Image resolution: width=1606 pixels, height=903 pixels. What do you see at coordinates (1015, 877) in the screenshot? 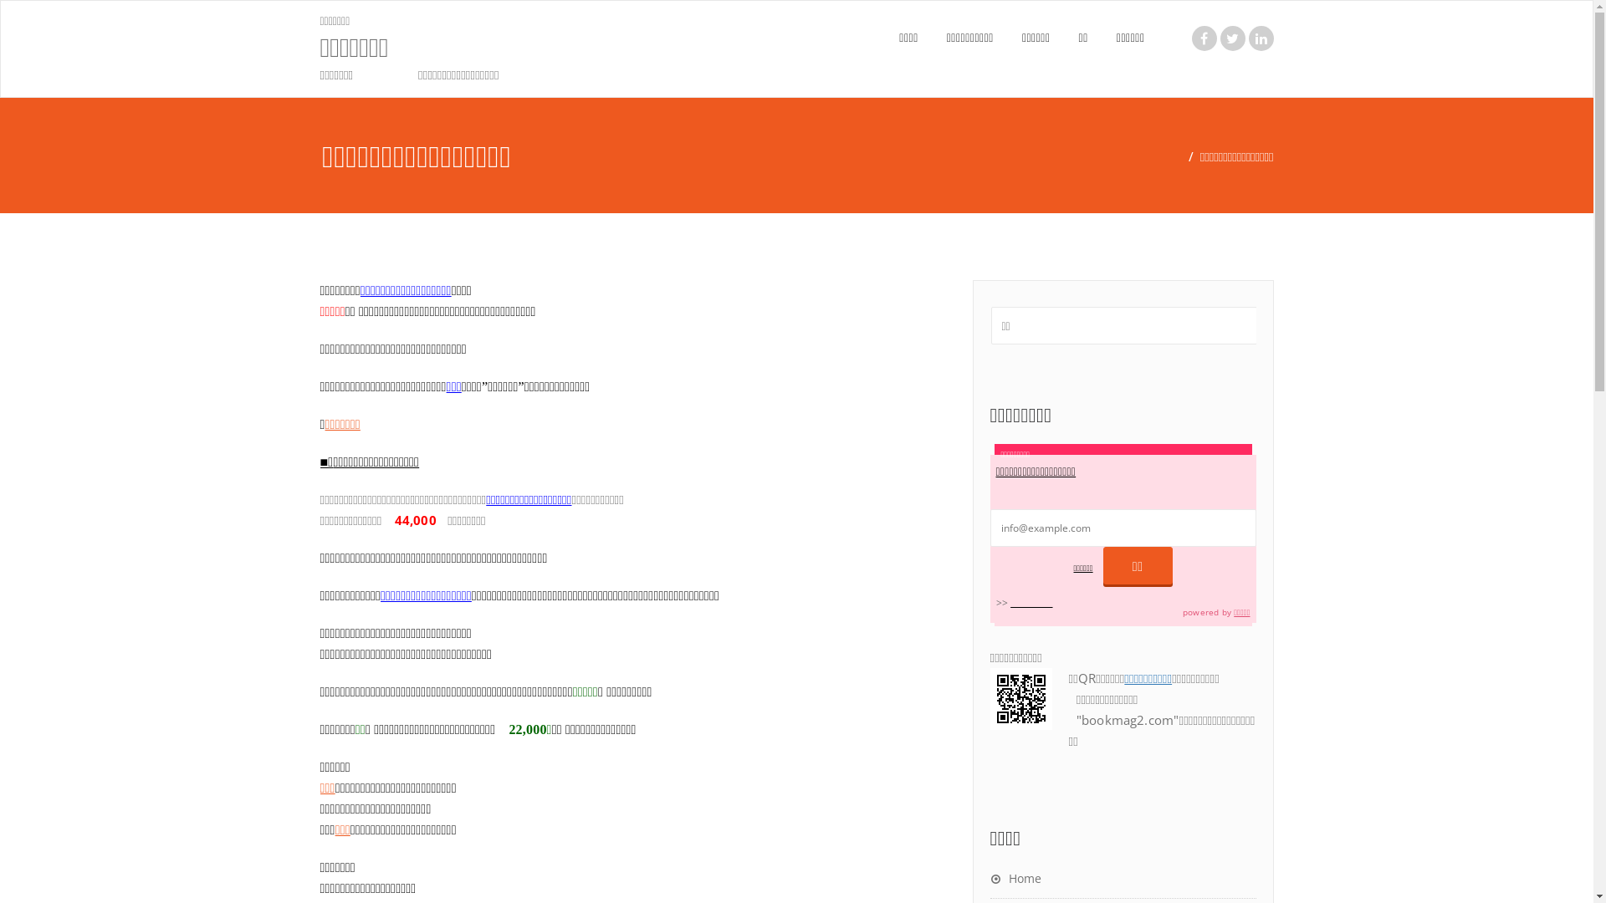
I see `'Home'` at bounding box center [1015, 877].